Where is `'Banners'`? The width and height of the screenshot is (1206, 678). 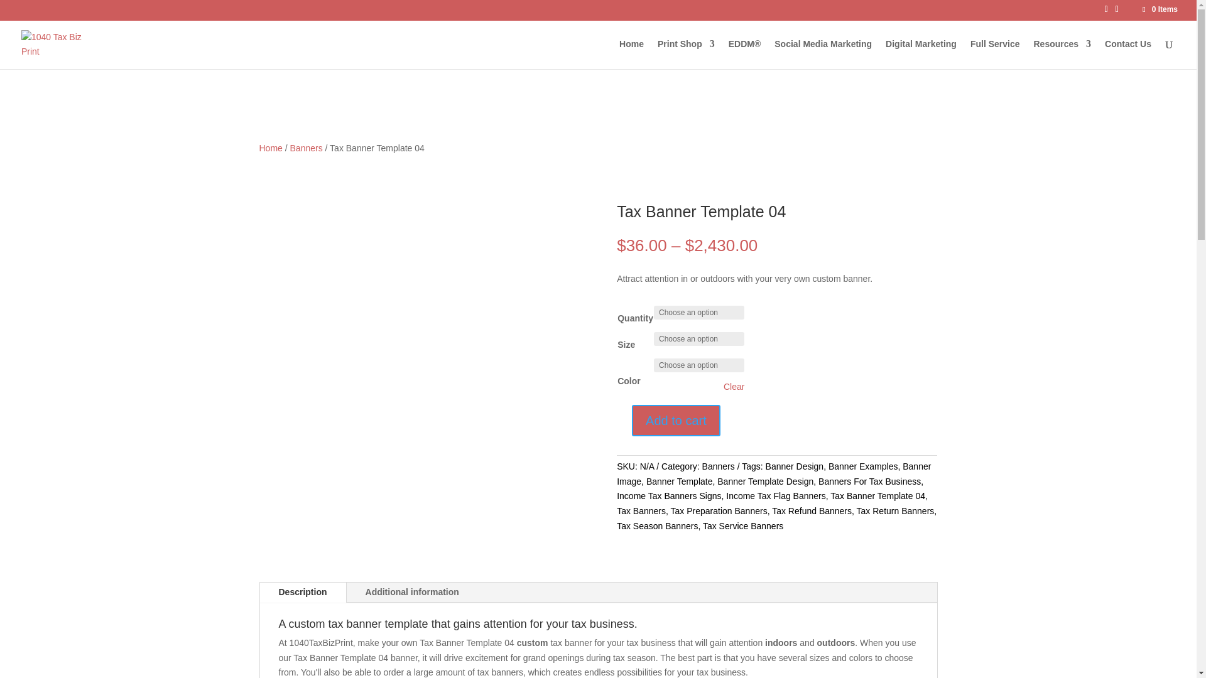
'Banners' is located at coordinates (307, 147).